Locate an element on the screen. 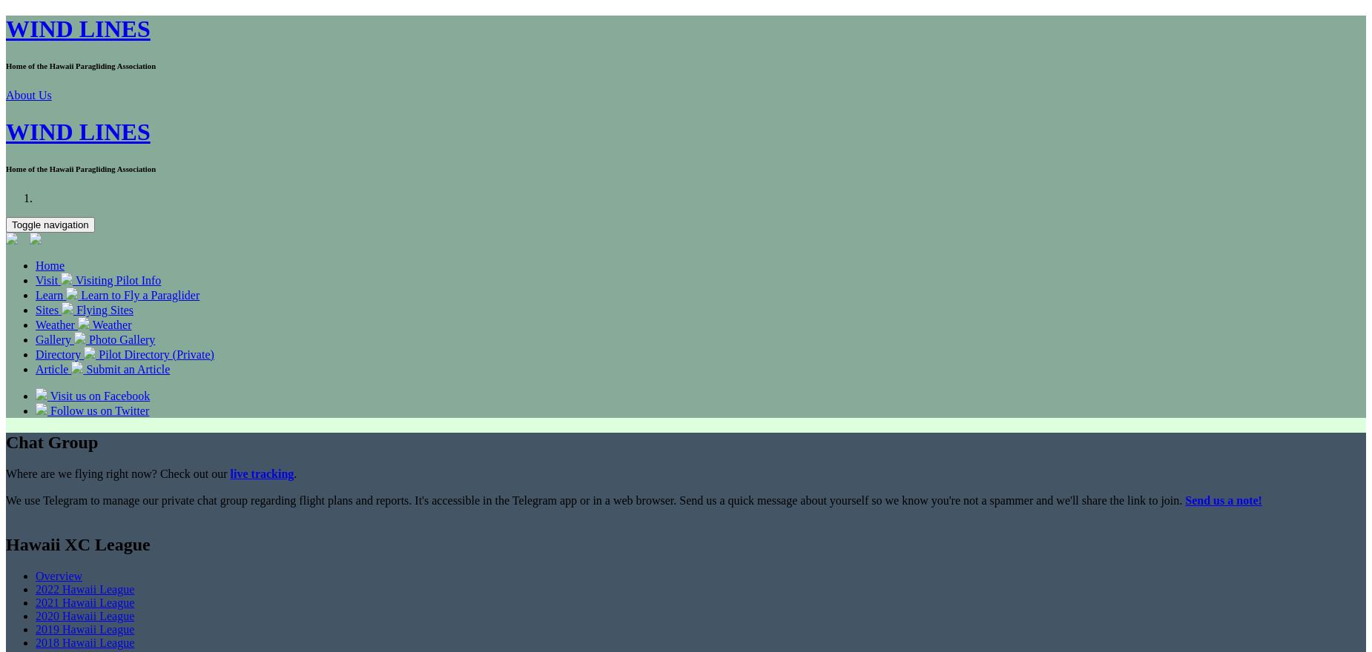 Image resolution: width=1372 pixels, height=652 pixels. 'About Us' is located at coordinates (27, 95).